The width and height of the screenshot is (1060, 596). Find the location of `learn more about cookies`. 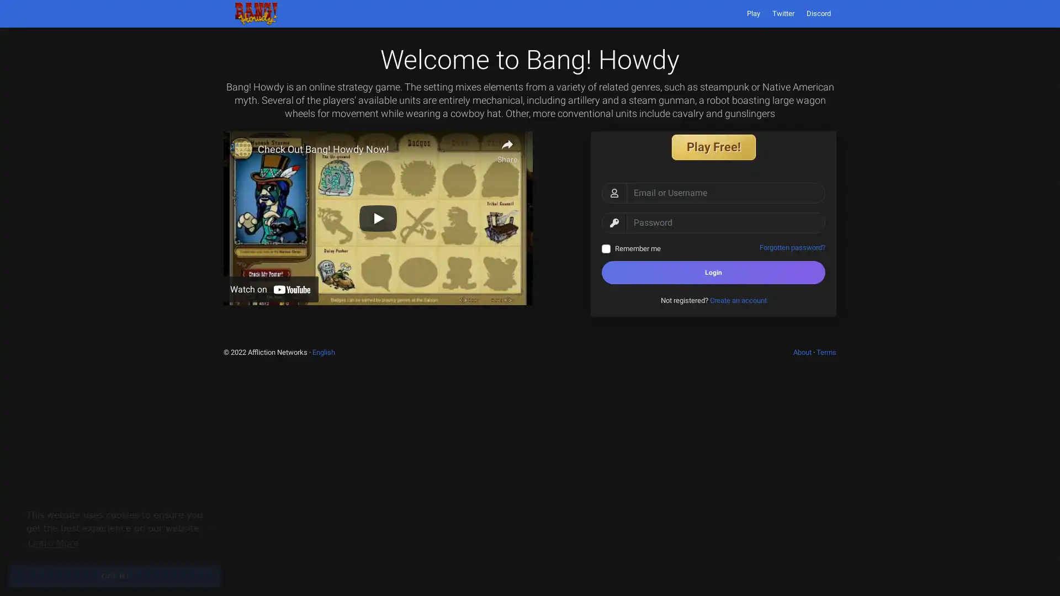

learn more about cookies is located at coordinates (52, 542).